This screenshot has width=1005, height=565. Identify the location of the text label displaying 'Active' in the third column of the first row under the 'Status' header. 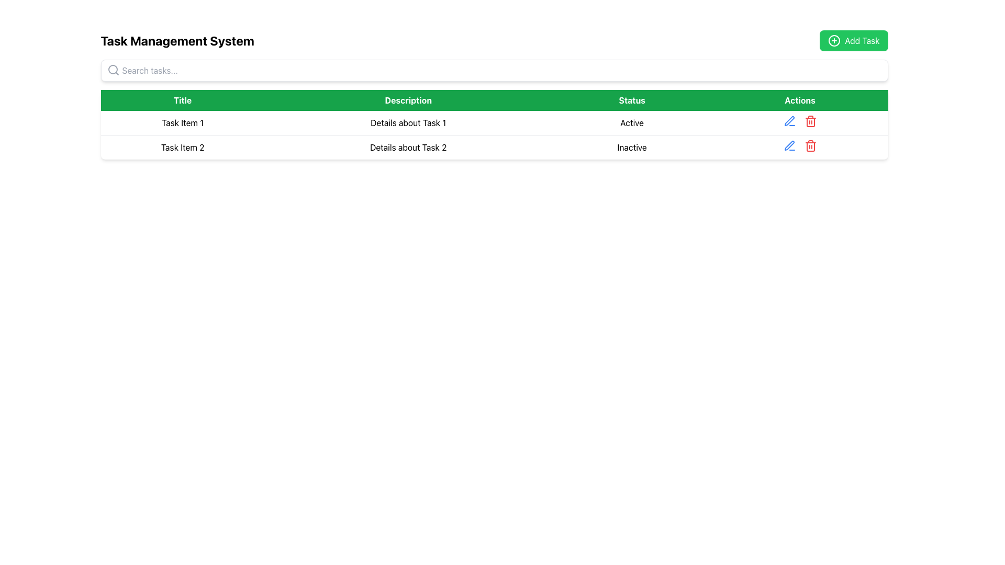
(631, 122).